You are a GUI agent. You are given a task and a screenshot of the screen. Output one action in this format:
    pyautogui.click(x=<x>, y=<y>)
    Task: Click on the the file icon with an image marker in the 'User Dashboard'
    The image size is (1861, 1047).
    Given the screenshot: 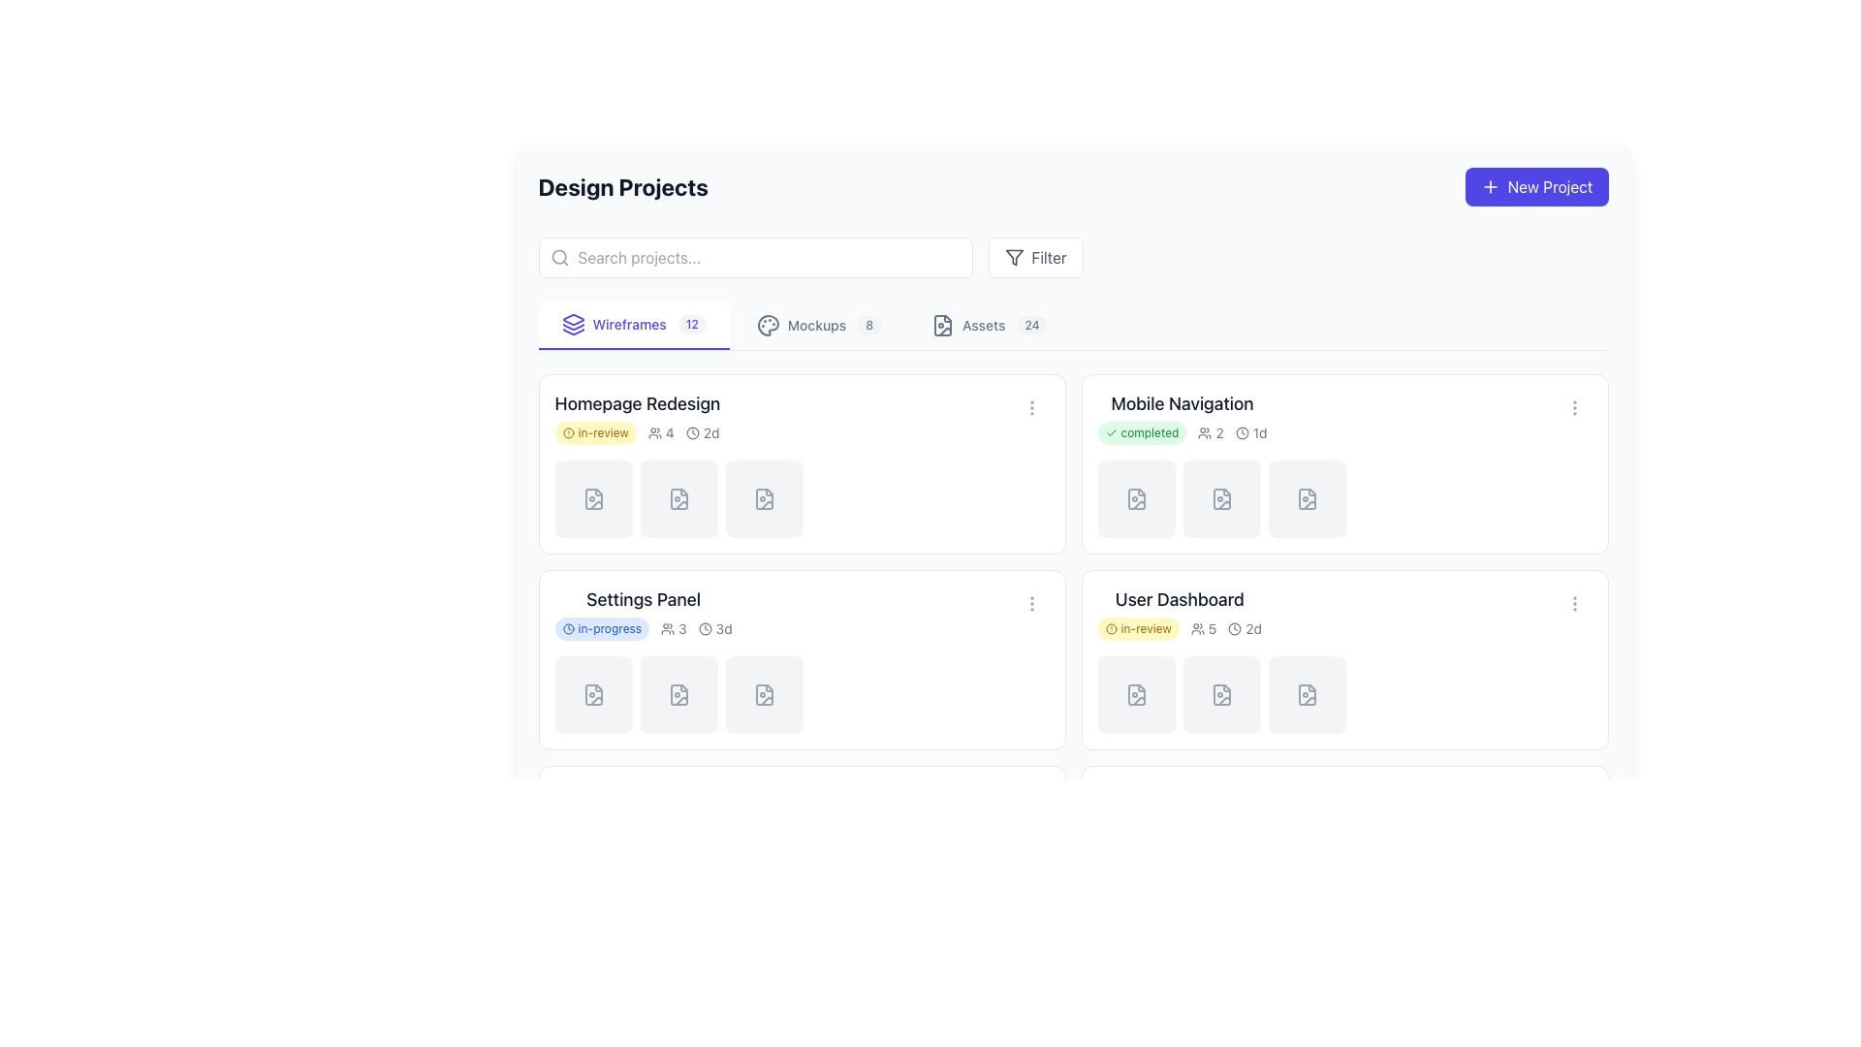 What is the action you would take?
    pyautogui.click(x=1307, y=694)
    